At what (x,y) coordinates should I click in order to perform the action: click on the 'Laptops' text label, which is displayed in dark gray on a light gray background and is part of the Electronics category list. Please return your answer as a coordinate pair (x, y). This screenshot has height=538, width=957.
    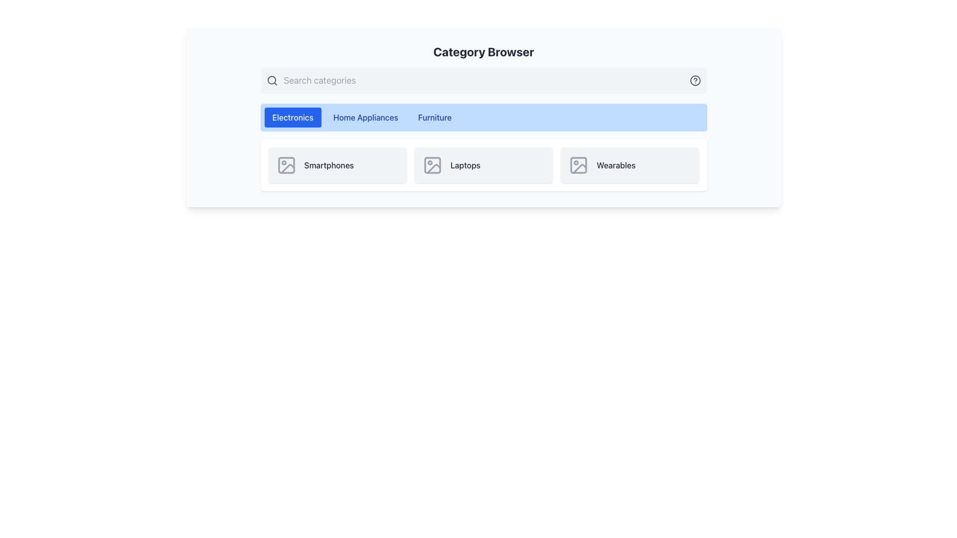
    Looking at the image, I should click on (465, 164).